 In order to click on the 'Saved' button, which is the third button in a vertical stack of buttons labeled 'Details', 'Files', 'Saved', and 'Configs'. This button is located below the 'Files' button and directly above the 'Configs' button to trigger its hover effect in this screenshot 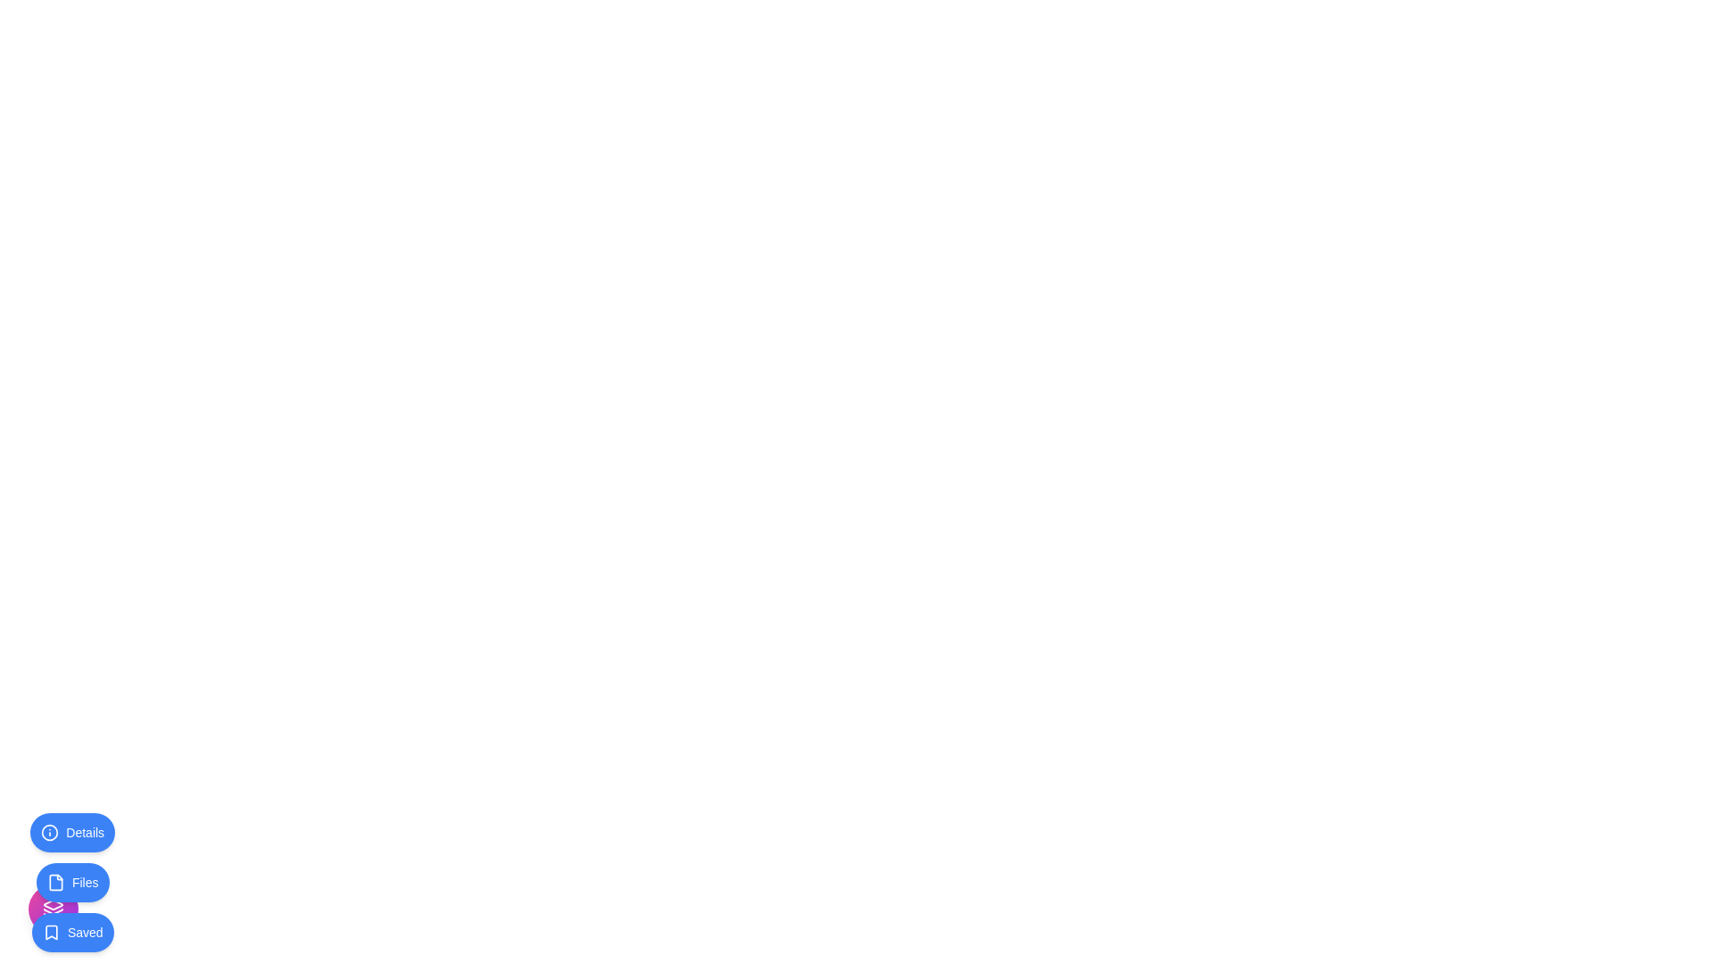, I will do `click(71, 931)`.